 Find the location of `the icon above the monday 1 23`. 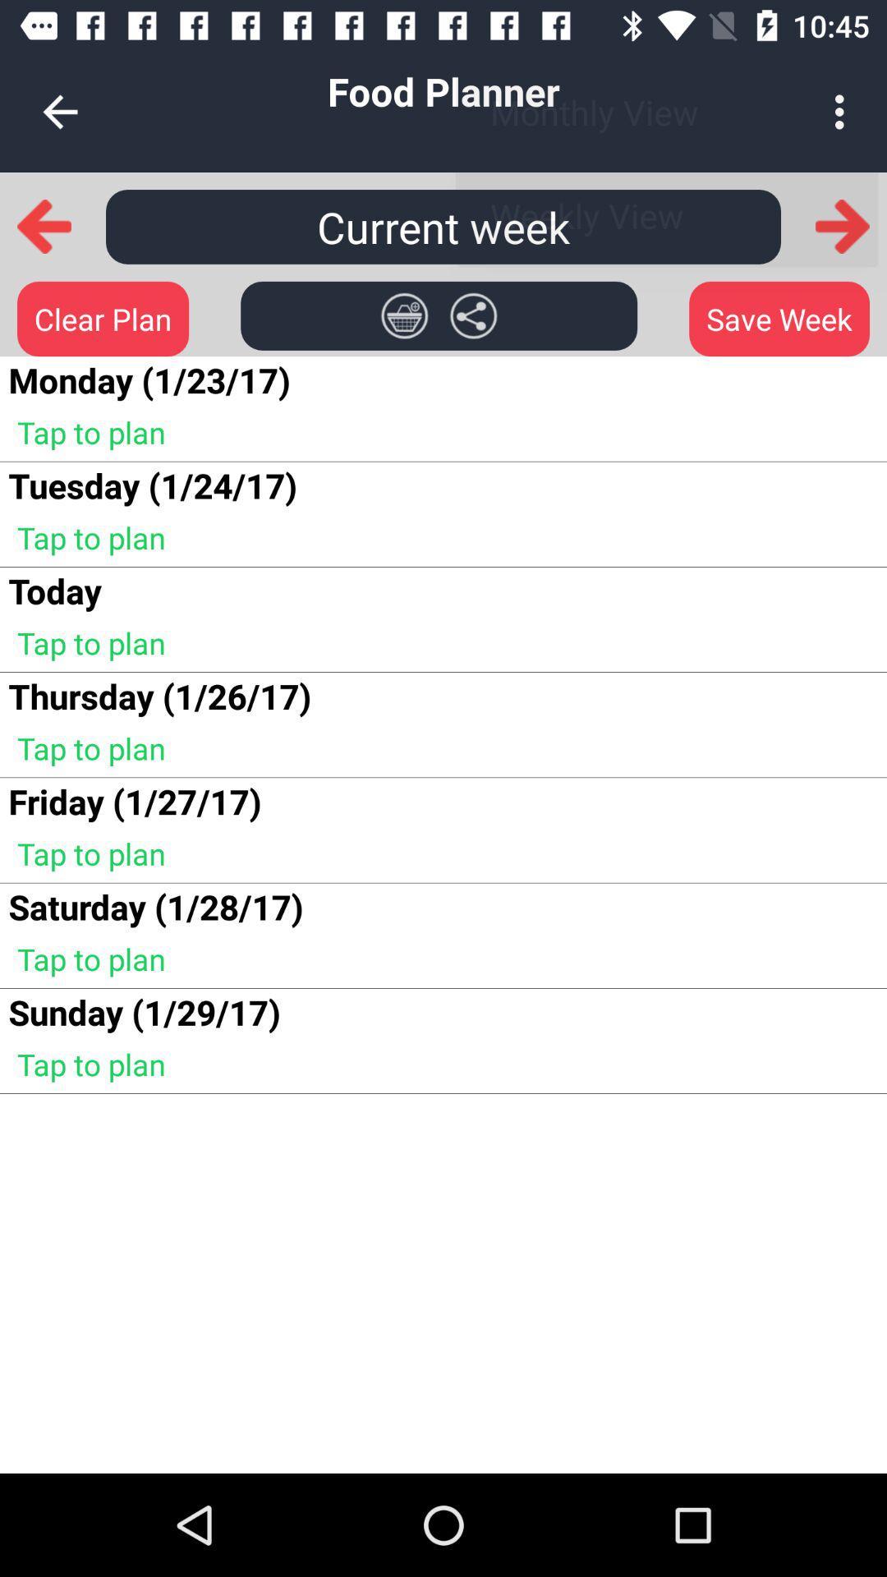

the icon above the monday 1 23 is located at coordinates (103, 319).